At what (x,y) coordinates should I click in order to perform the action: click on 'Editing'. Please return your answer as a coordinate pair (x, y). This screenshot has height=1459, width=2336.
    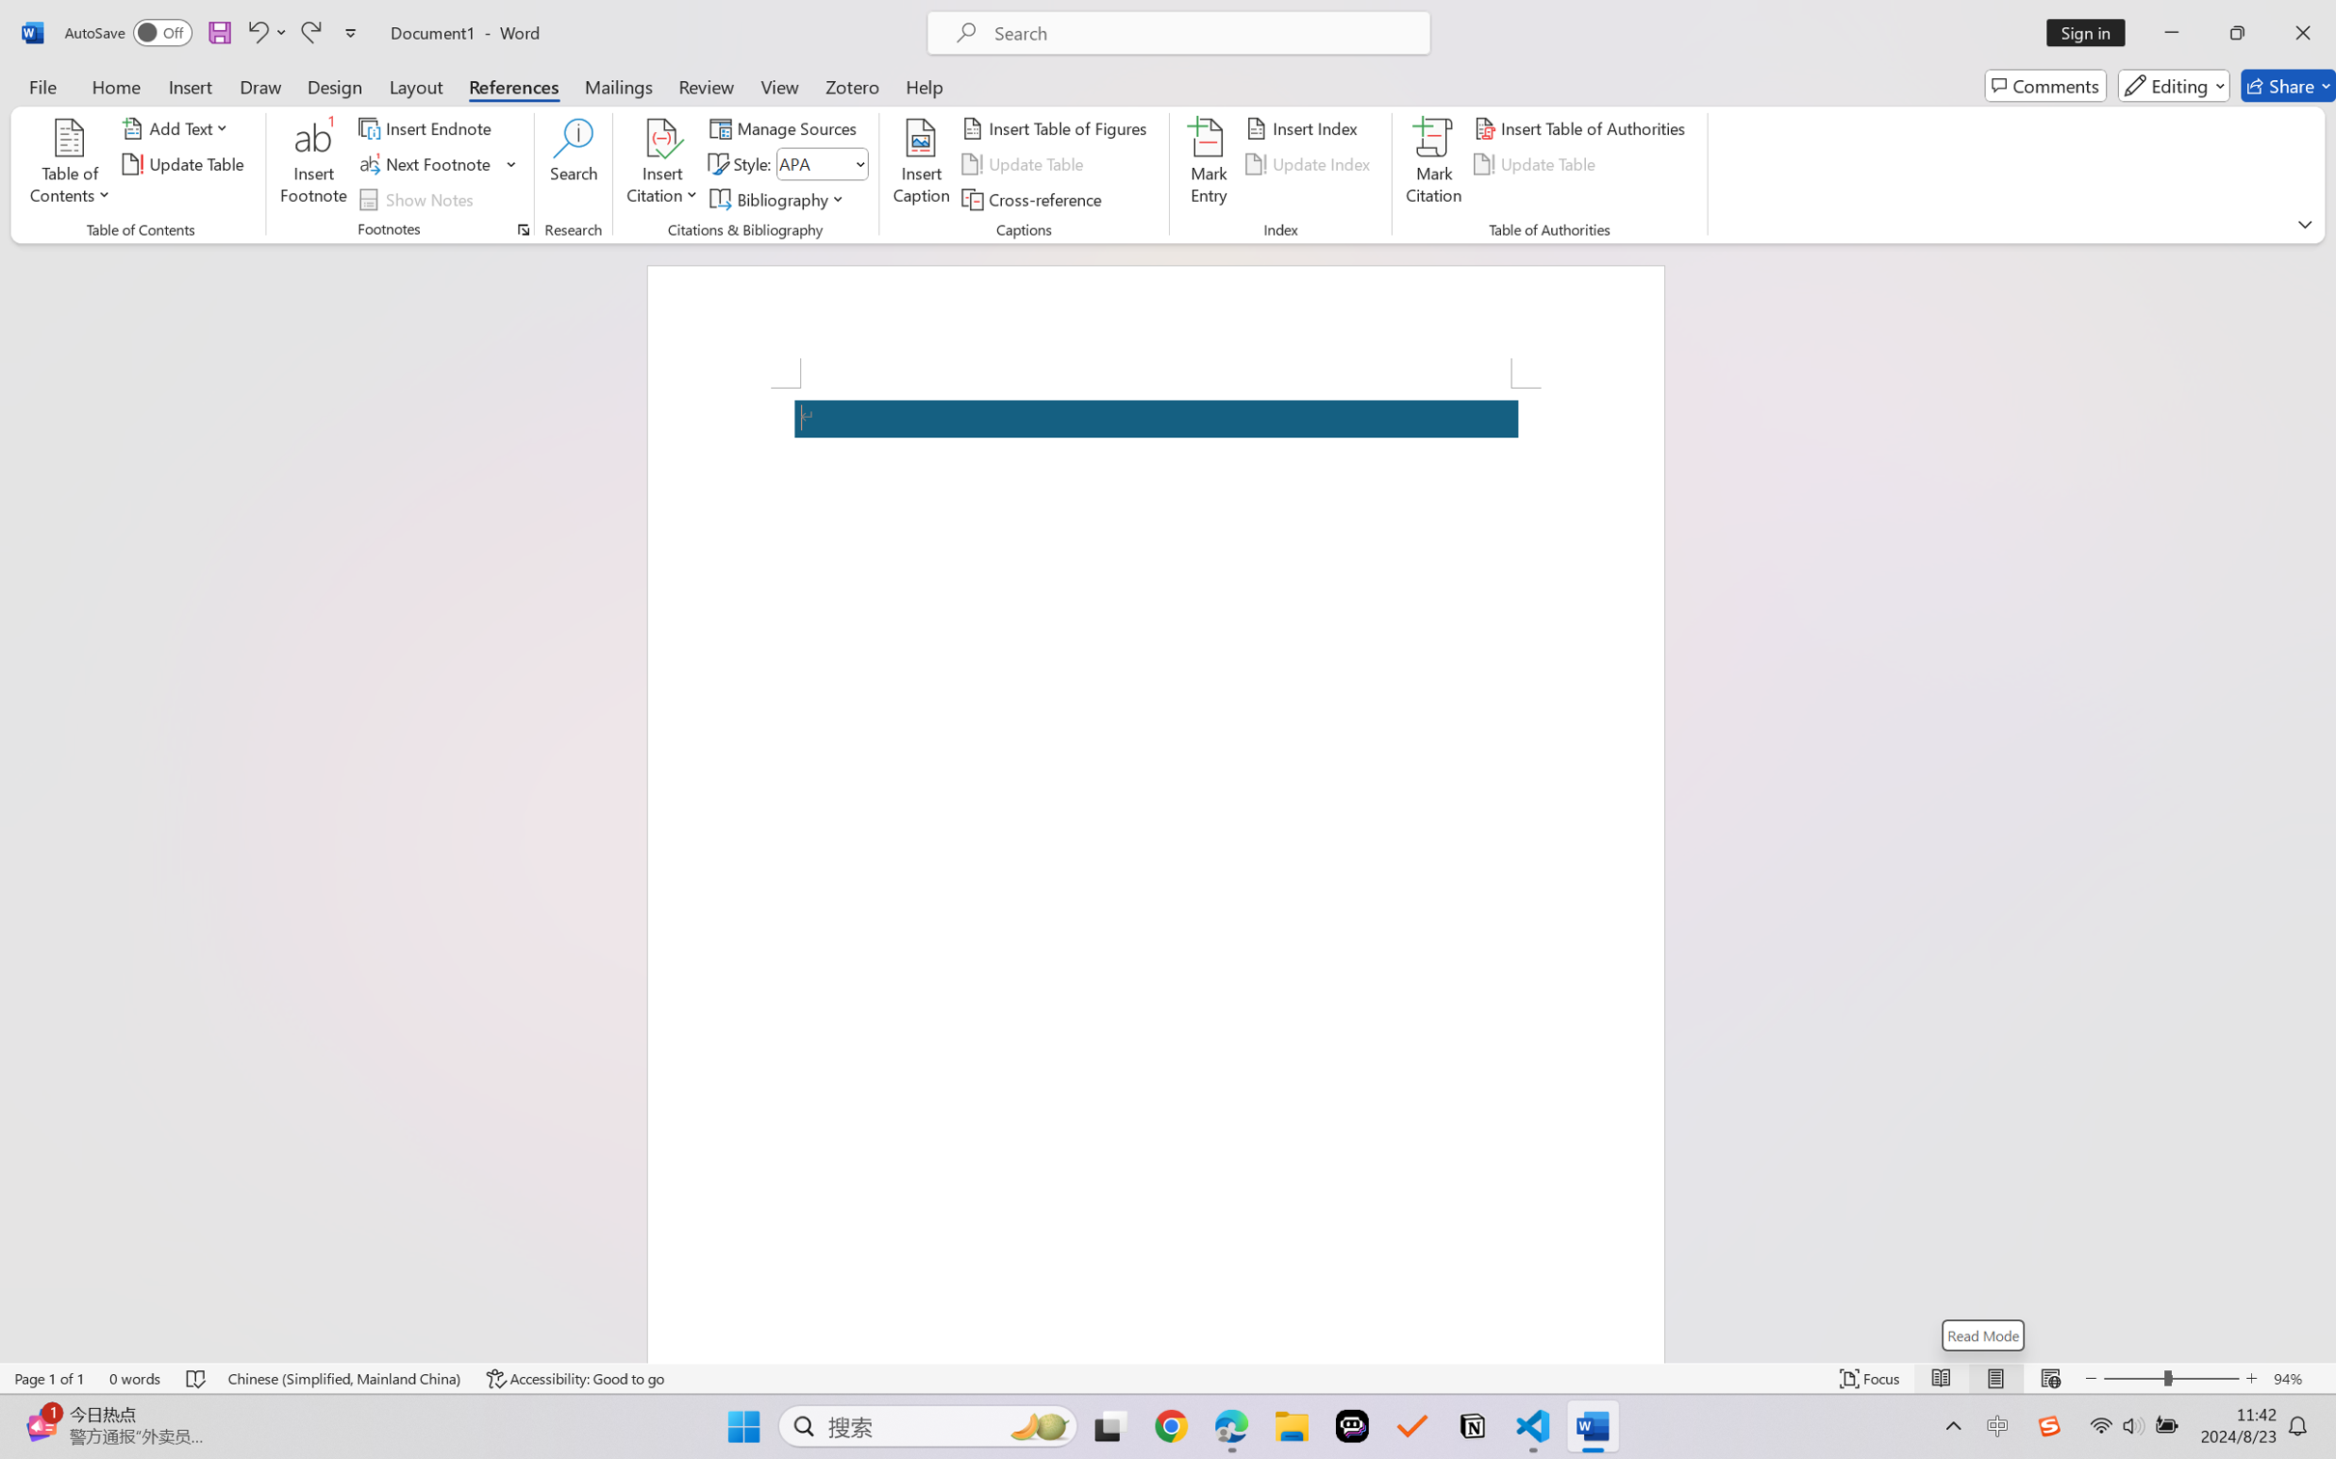
    Looking at the image, I should click on (2175, 85).